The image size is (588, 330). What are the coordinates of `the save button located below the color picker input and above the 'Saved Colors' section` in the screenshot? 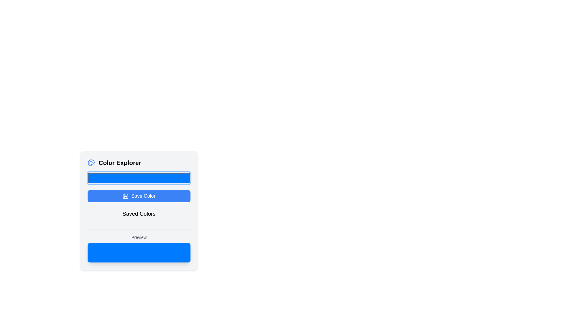 It's located at (139, 196).